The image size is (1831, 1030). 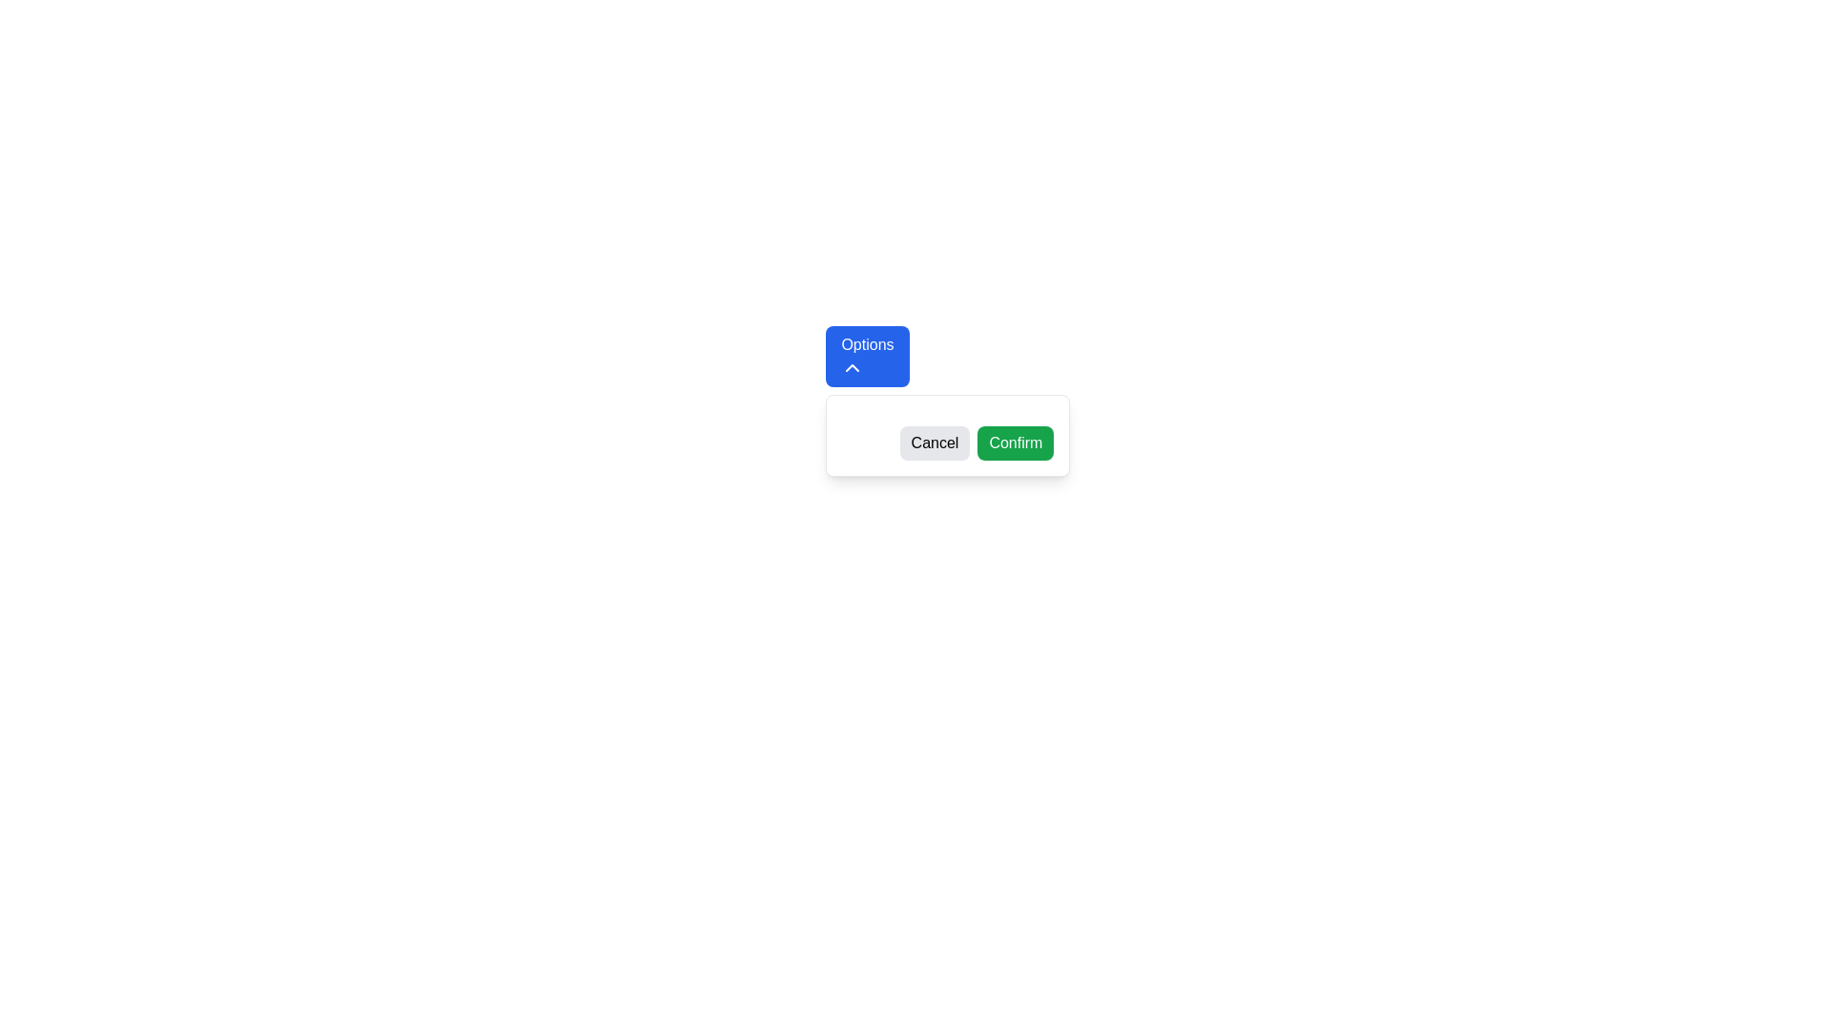 What do you see at coordinates (852, 367) in the screenshot?
I see `the chevron icon located at the bottom center of the 'Options' button, which has a blue background and white text` at bounding box center [852, 367].